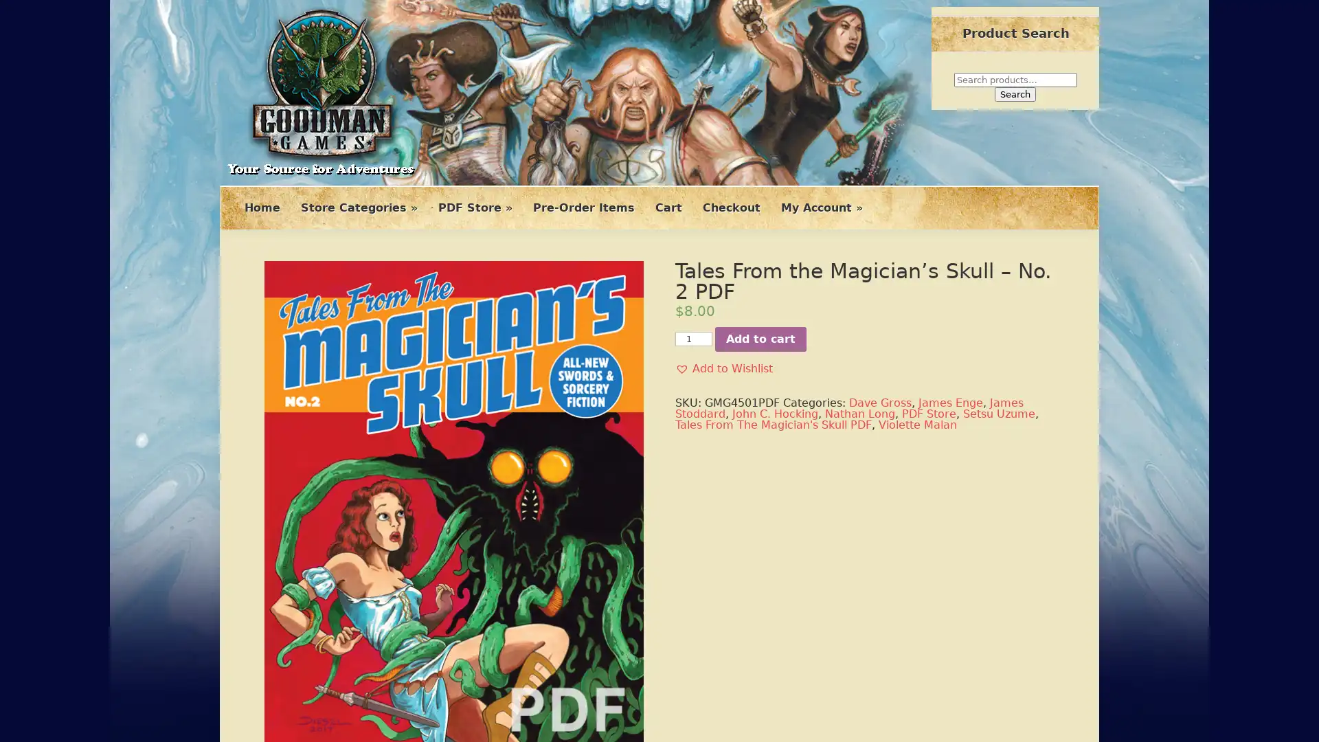 This screenshot has width=1319, height=742. Describe the element at coordinates (760, 339) in the screenshot. I see `Add to cart` at that location.